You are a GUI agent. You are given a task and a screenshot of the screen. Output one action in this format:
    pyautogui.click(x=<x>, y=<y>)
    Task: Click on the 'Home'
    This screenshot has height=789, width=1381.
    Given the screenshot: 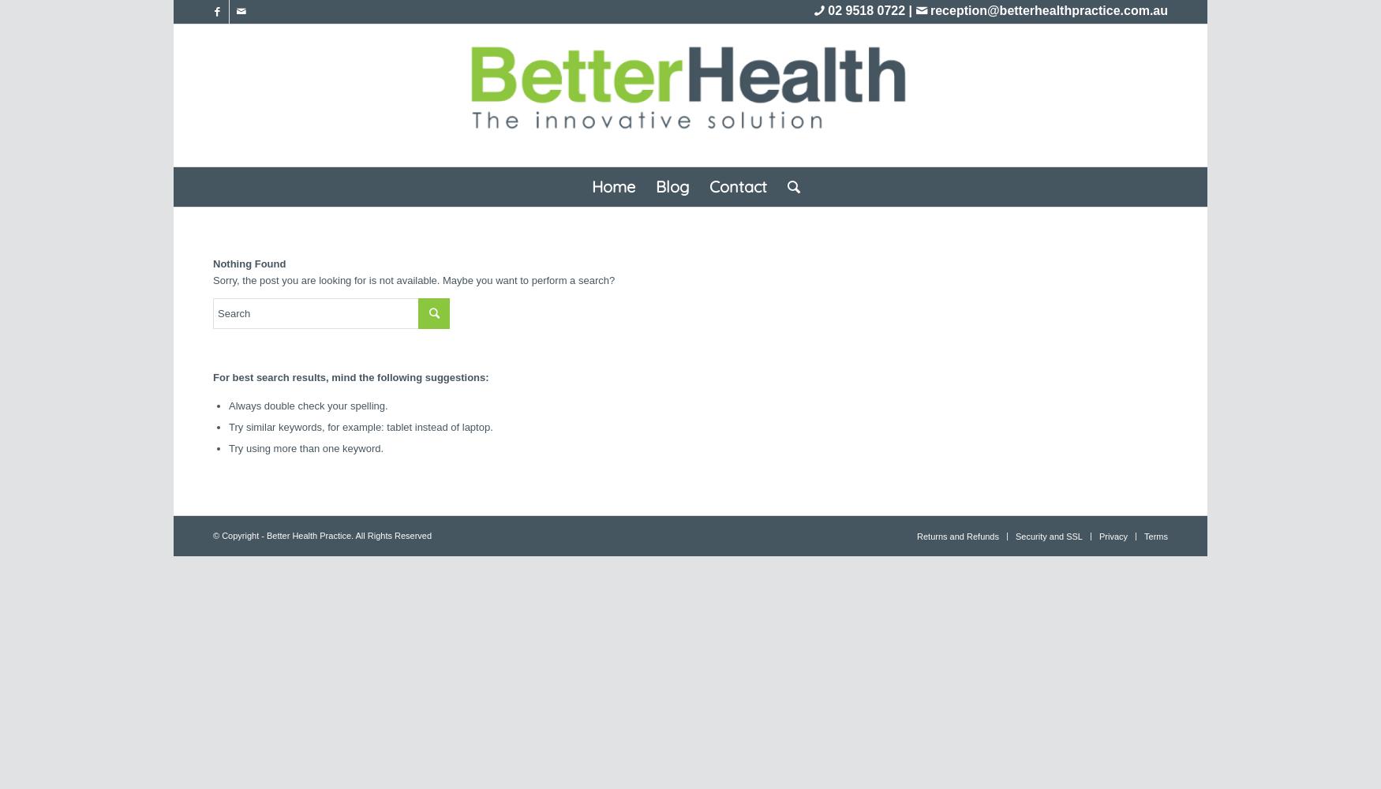 What is the action you would take?
    pyautogui.click(x=612, y=185)
    